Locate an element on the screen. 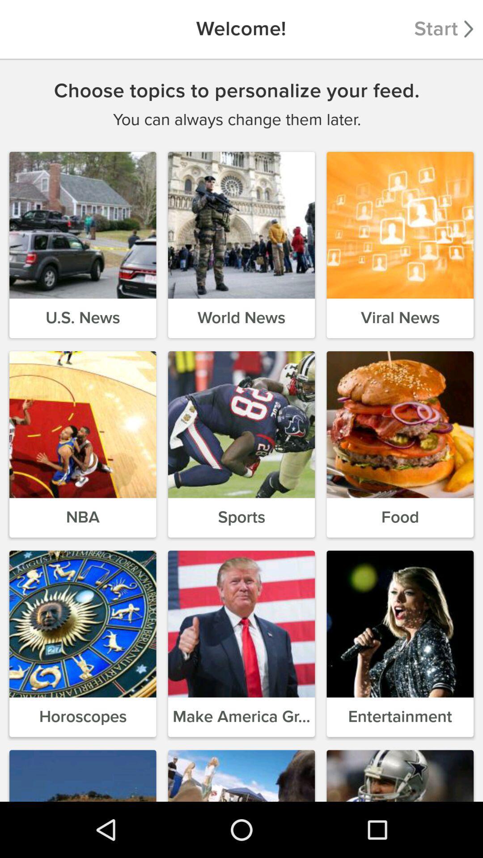  the first image is located at coordinates (83, 225).